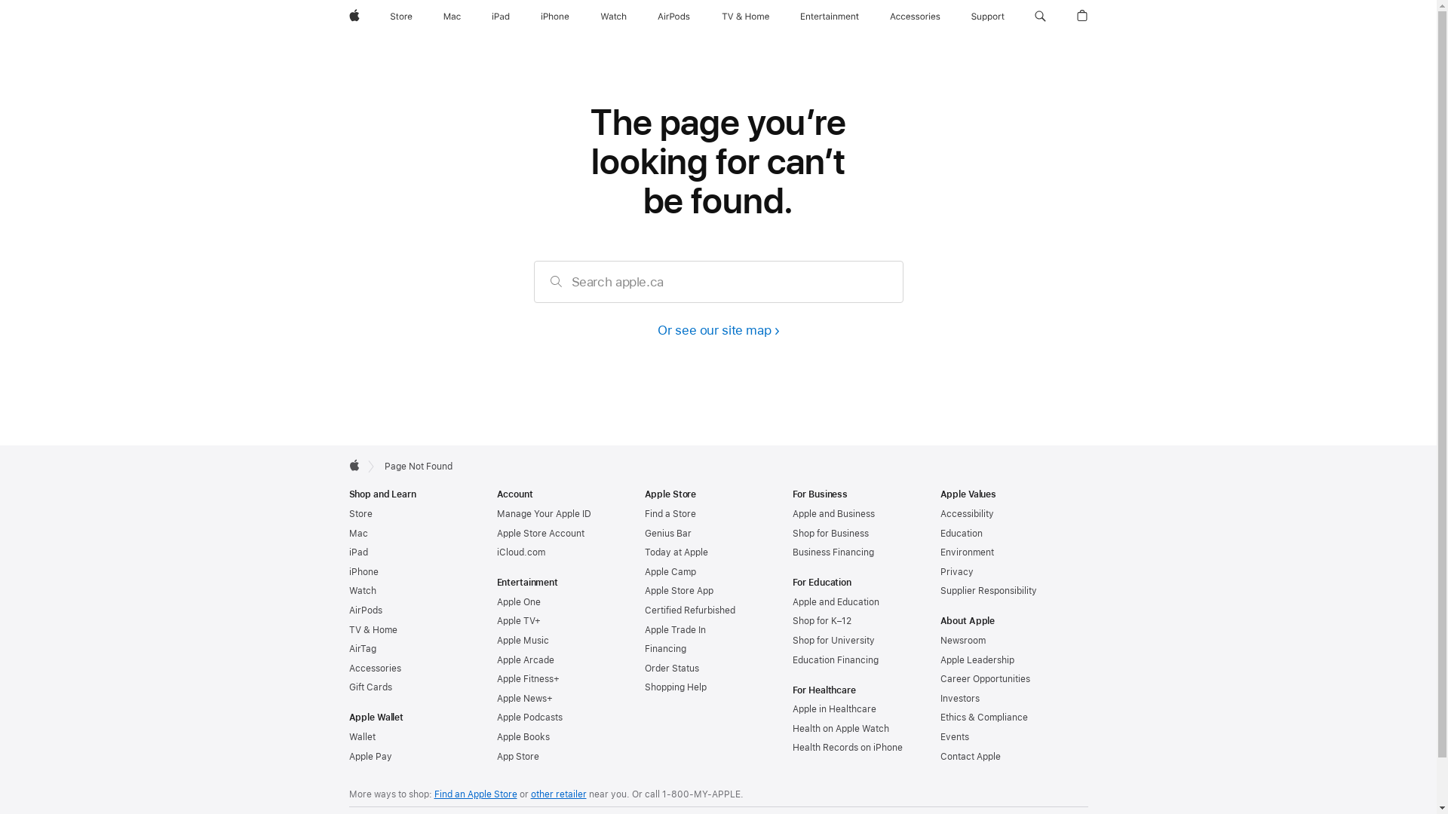 The height and width of the screenshot is (814, 1448). I want to click on 'Health Records on iPhone', so click(847, 747).